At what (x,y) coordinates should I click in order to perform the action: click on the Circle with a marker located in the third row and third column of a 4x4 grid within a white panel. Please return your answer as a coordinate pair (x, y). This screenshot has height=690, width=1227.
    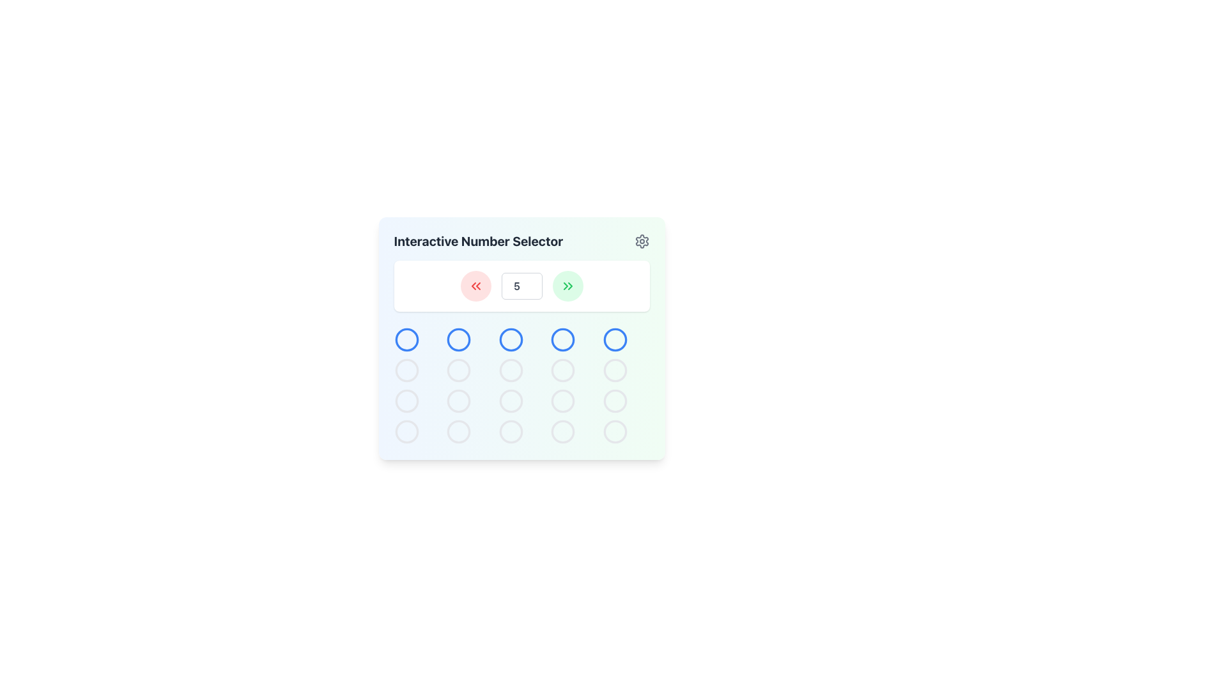
    Looking at the image, I should click on (510, 339).